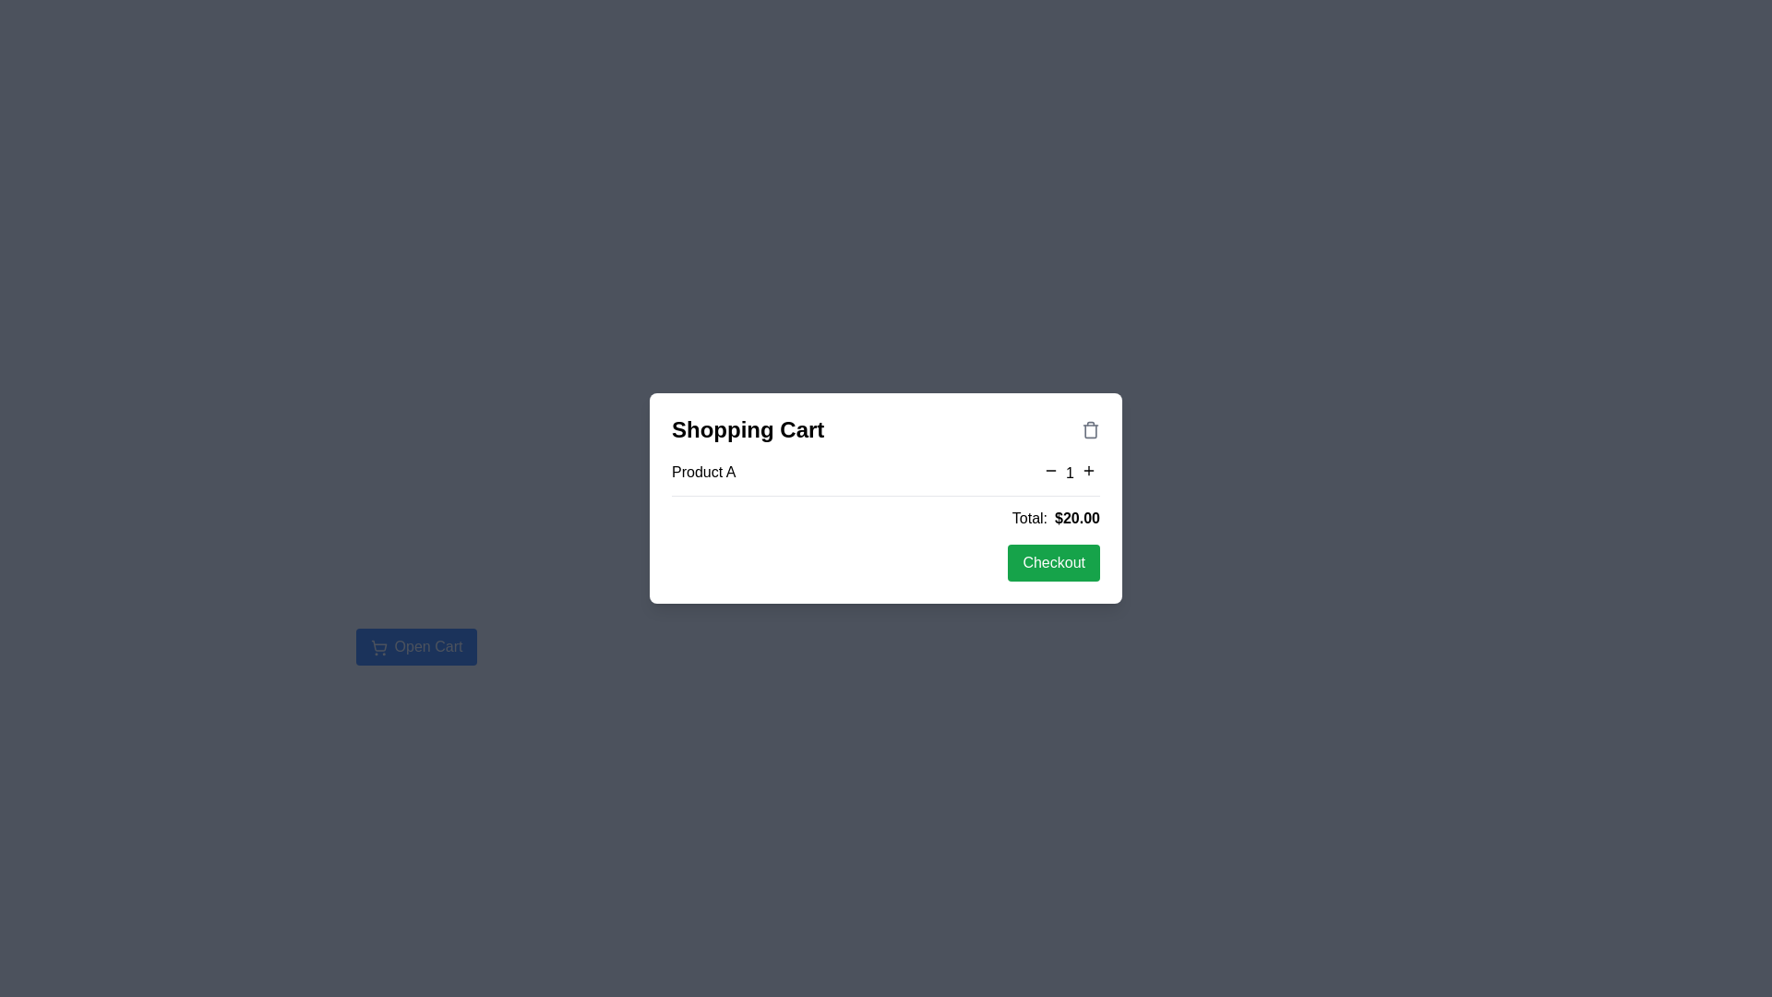  What do you see at coordinates (1090, 430) in the screenshot?
I see `the trash can icon, which visually represents the body of a trash can` at bounding box center [1090, 430].